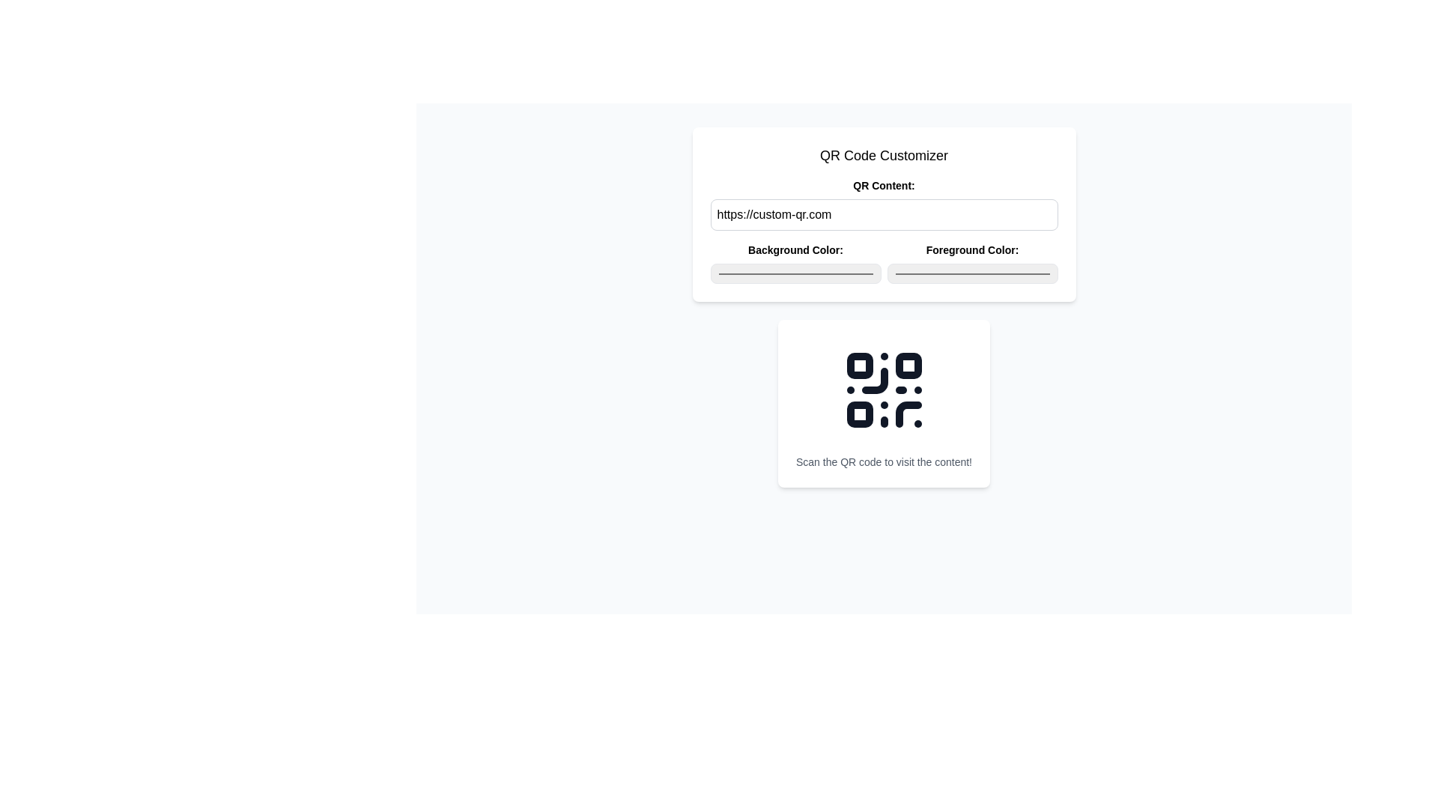 The height and width of the screenshot is (809, 1438). What do you see at coordinates (1038, 273) in the screenshot?
I see `the foreground color value by sliding` at bounding box center [1038, 273].